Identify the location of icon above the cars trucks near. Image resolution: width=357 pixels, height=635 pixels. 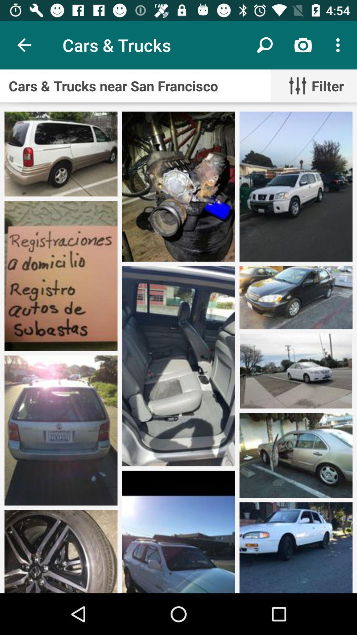
(24, 45).